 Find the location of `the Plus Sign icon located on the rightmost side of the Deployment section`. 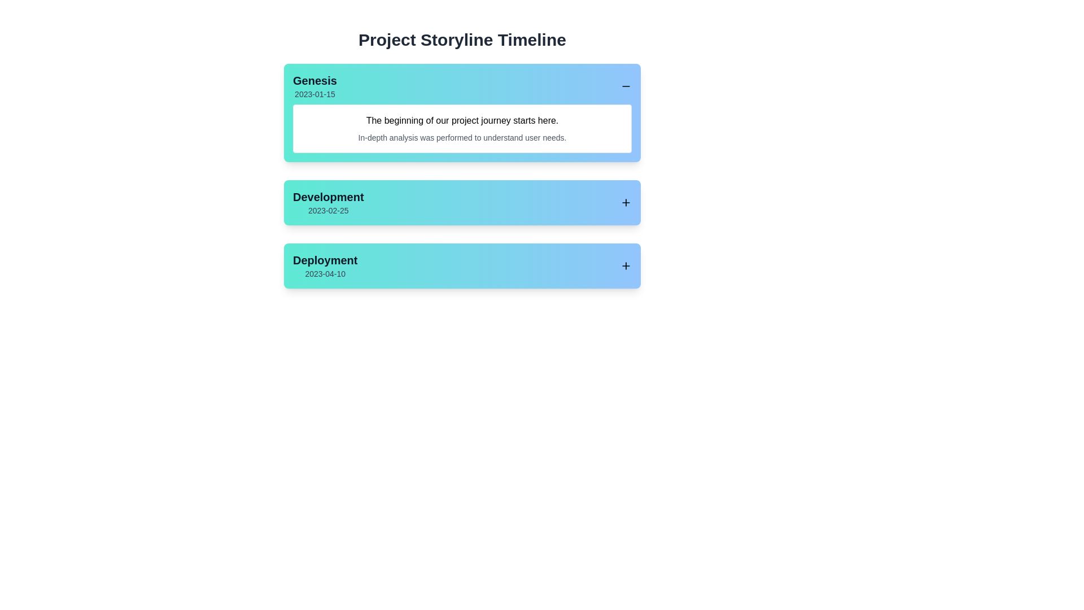

the Plus Sign icon located on the rightmost side of the Deployment section is located at coordinates (625, 265).